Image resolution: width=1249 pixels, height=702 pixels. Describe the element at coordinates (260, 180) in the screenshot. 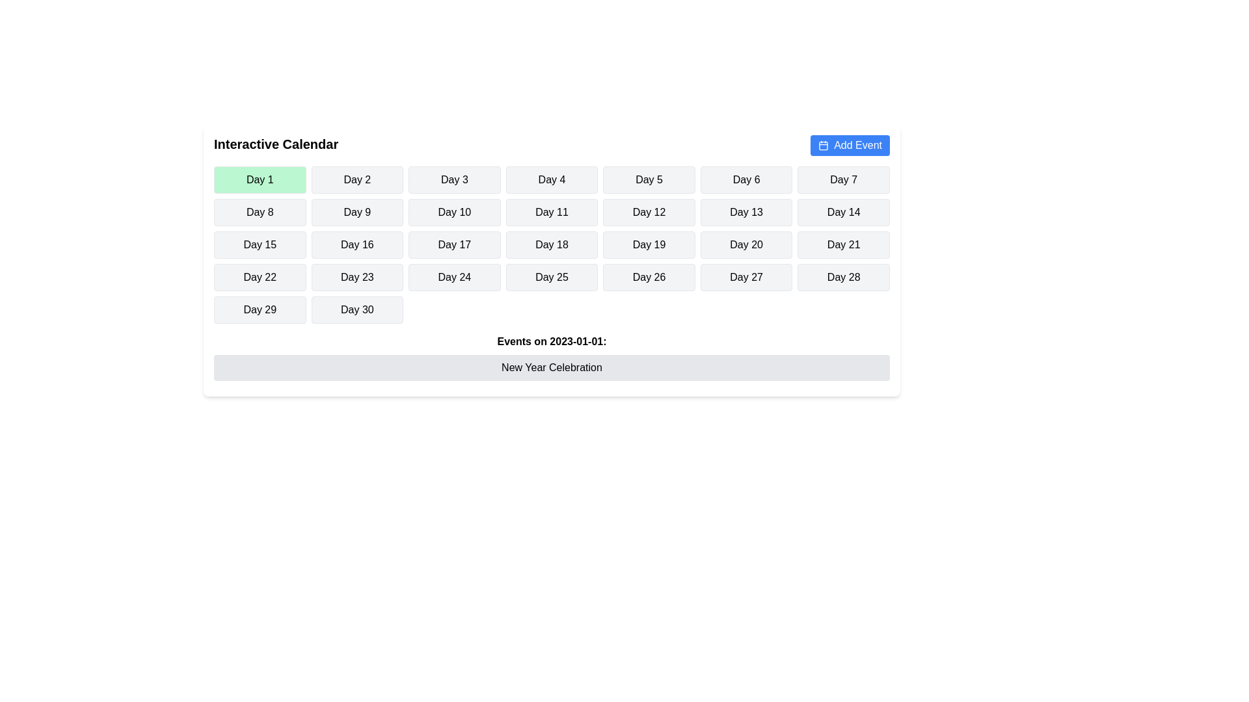

I see `the first day` at that location.